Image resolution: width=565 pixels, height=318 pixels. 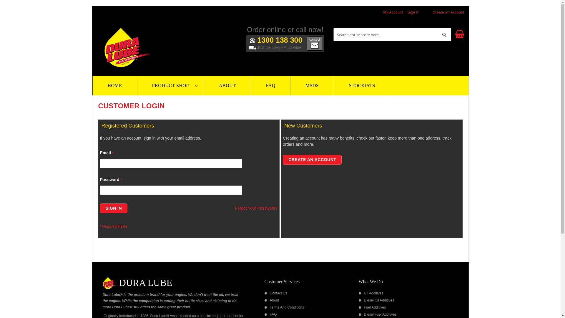 I want to click on 'CREATE AN ACCOUNT', so click(x=312, y=160).